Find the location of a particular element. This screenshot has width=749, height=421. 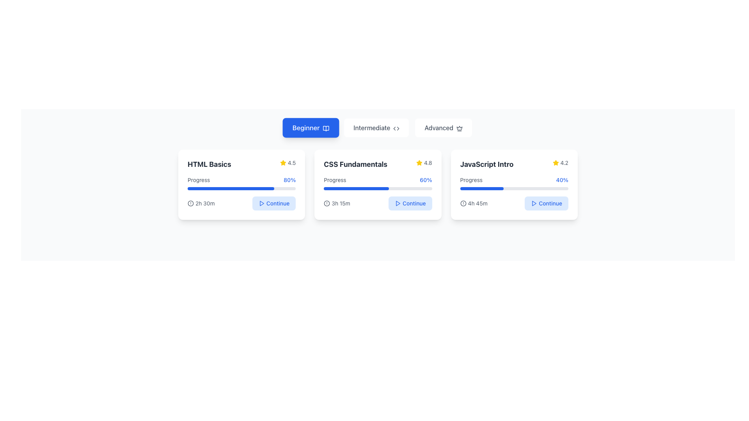

the rating for the course labeled 'CSS Fundamentals' which displays an average star rating of 4.8 is located at coordinates (378, 164).